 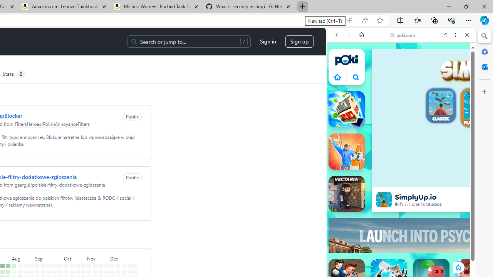 I want to click on 'Sports Games', so click(x=401, y=256).